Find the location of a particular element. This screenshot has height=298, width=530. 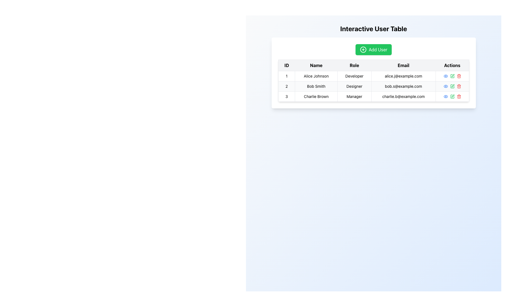

the trash bin icon located in the "Actions" column of the third row of the interactive user table is located at coordinates (459, 97).